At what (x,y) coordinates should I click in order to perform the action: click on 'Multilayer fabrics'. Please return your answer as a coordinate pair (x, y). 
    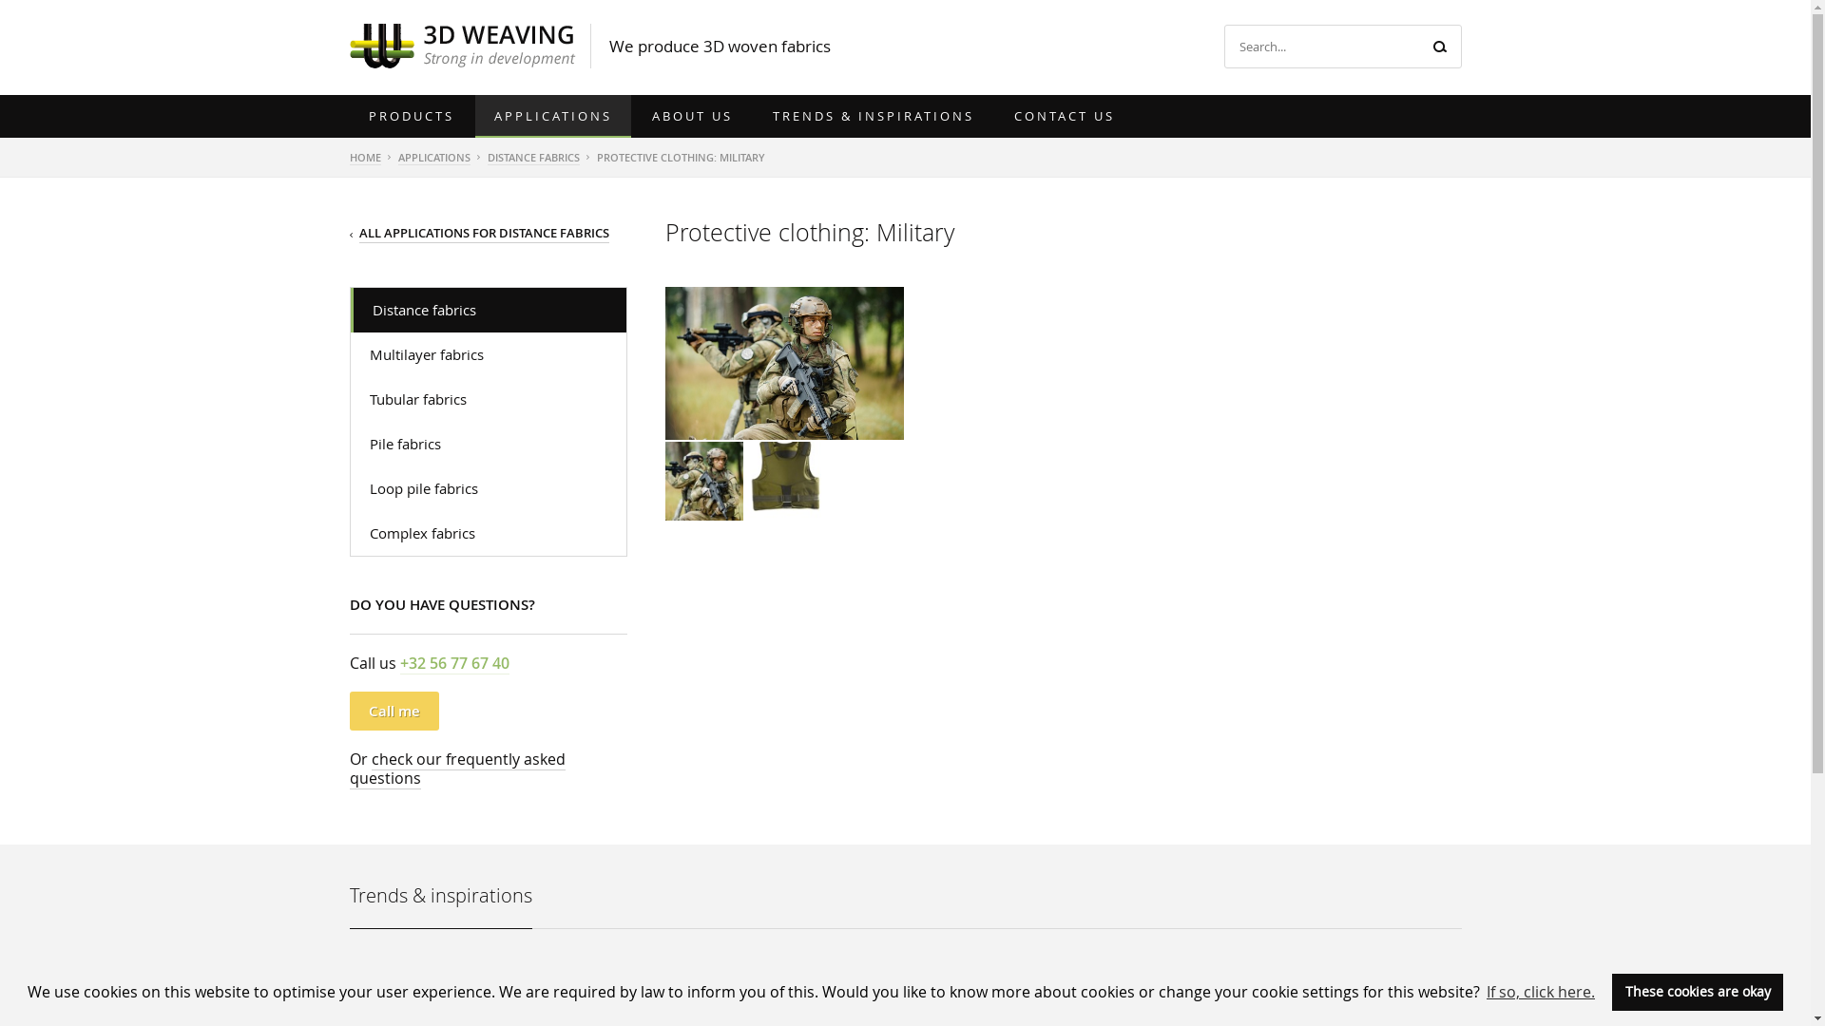
    Looking at the image, I should click on (488, 354).